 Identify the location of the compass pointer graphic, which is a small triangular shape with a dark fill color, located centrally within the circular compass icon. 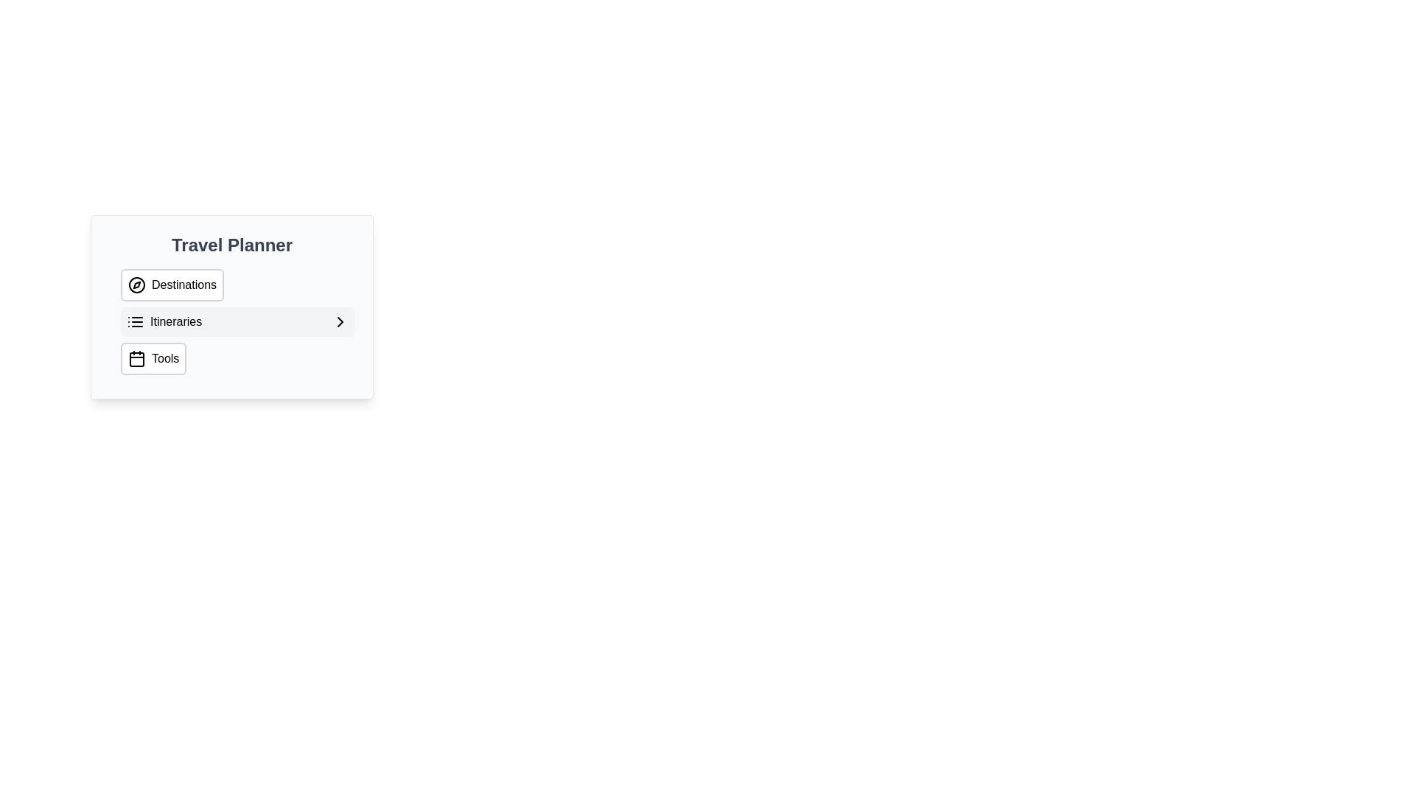
(137, 284).